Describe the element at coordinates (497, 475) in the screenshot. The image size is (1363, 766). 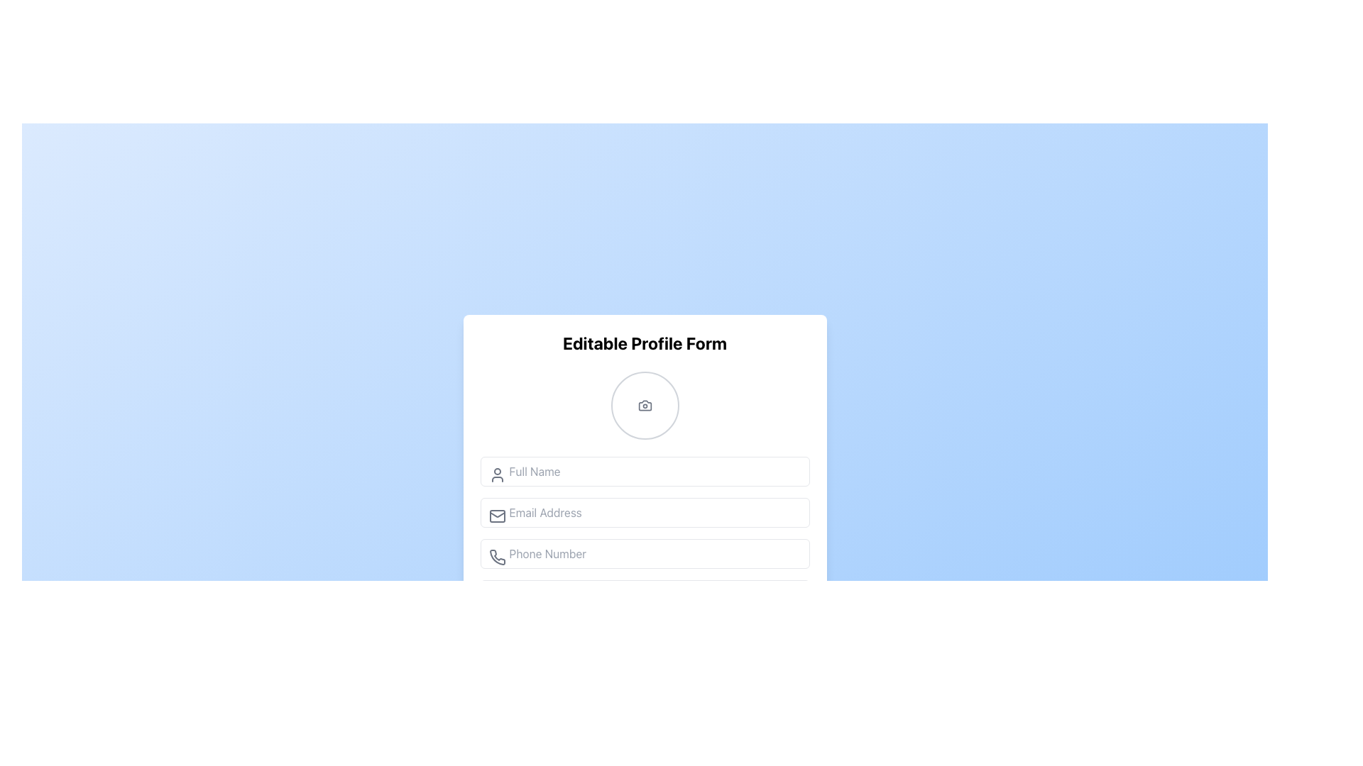
I see `the 'Full Name' input field icon, which is located on the left side of the associated input field, serving as a visual cue for entering a user's name` at that location.